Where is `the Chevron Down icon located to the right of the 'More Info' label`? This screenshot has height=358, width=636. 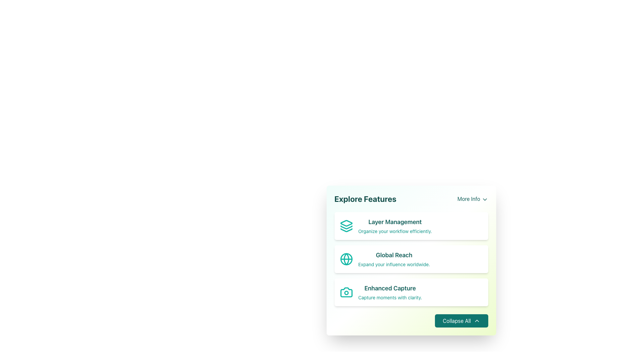
the Chevron Down icon located to the right of the 'More Info' label is located at coordinates (485, 199).